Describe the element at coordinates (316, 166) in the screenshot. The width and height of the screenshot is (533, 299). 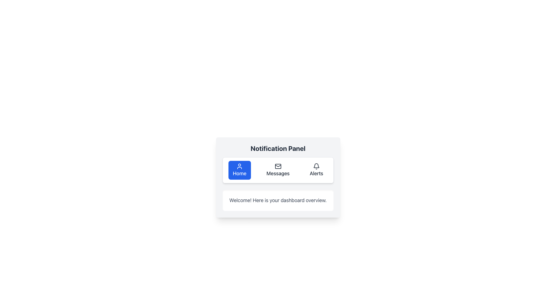
I see `the black bell icon within the 'Alerts' button` at that location.